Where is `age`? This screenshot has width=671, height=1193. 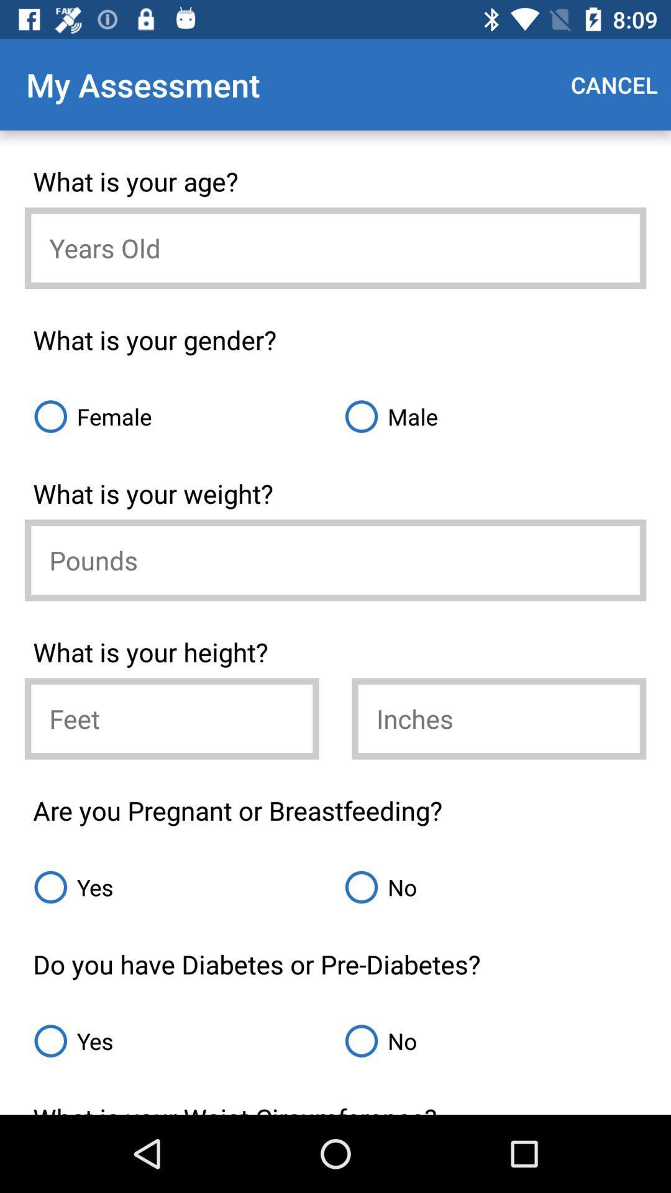 age is located at coordinates (335, 248).